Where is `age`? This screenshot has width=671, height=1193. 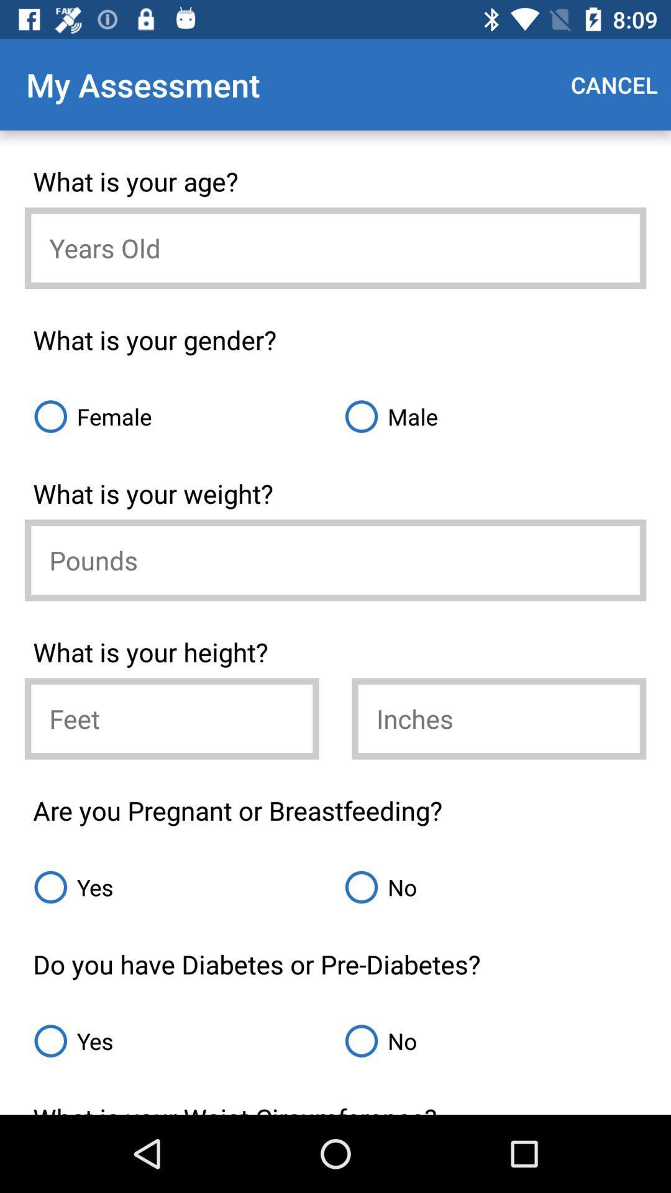 age is located at coordinates (335, 248).